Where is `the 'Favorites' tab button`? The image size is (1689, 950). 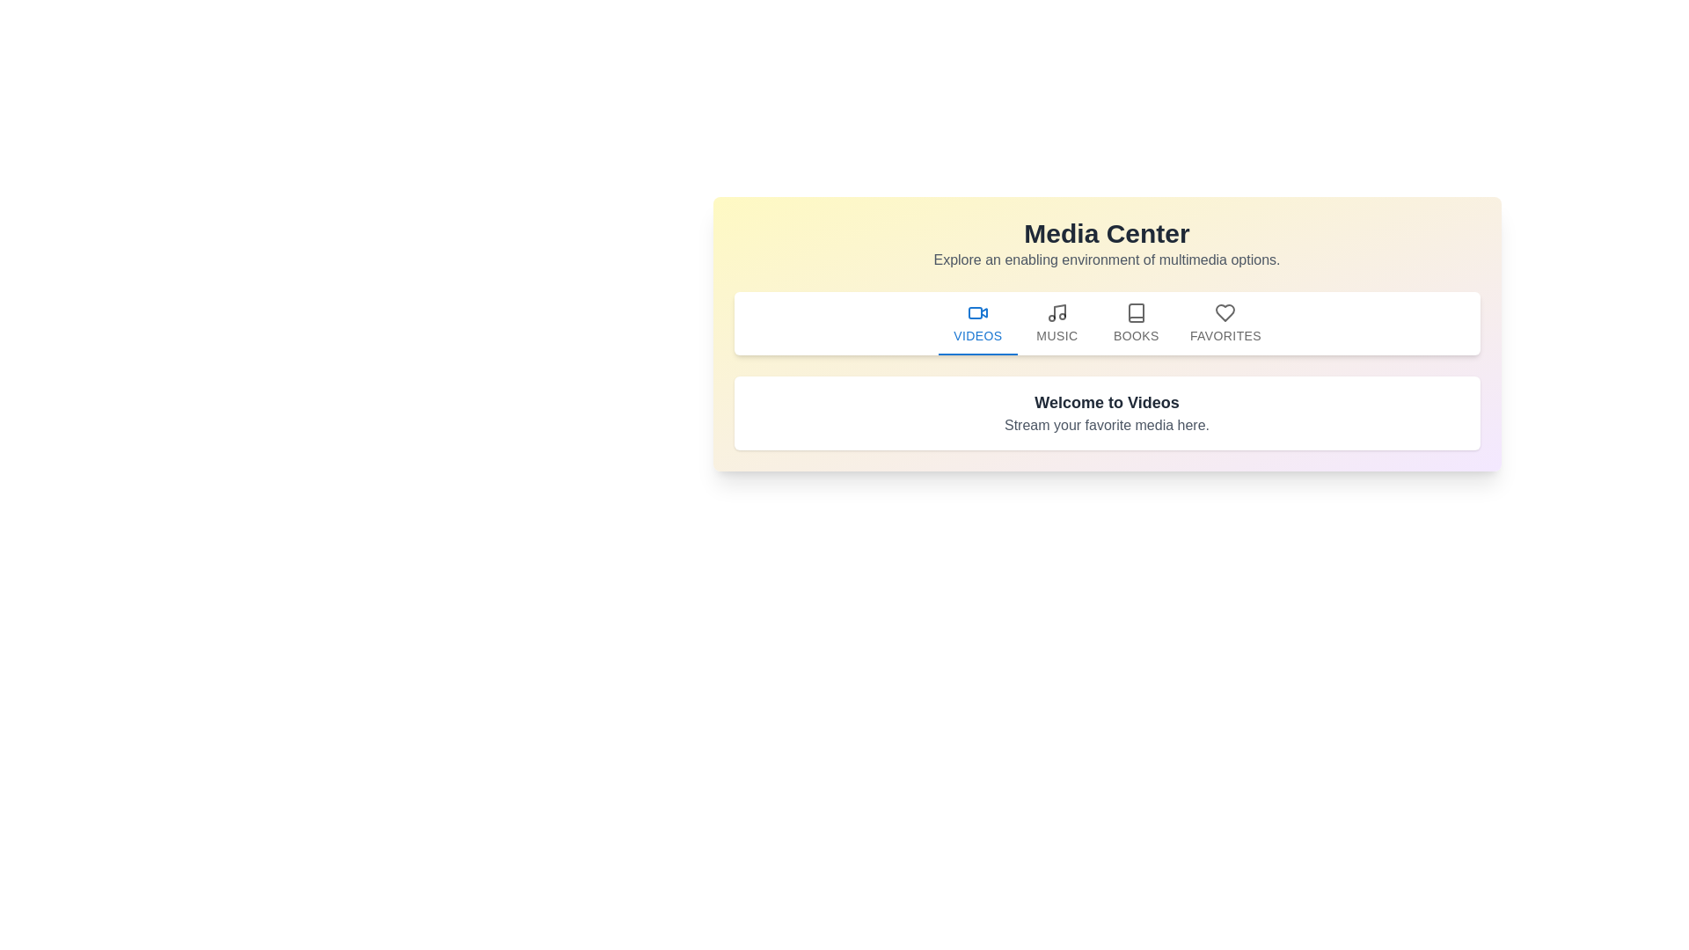
the 'Favorites' tab button is located at coordinates (1225, 323).